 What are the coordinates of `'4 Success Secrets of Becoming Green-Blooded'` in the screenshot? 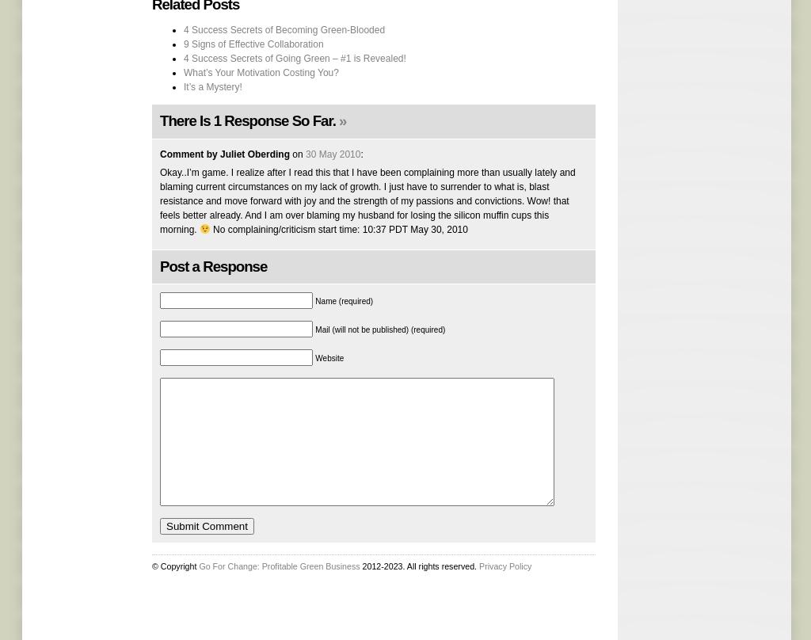 It's located at (284, 29).